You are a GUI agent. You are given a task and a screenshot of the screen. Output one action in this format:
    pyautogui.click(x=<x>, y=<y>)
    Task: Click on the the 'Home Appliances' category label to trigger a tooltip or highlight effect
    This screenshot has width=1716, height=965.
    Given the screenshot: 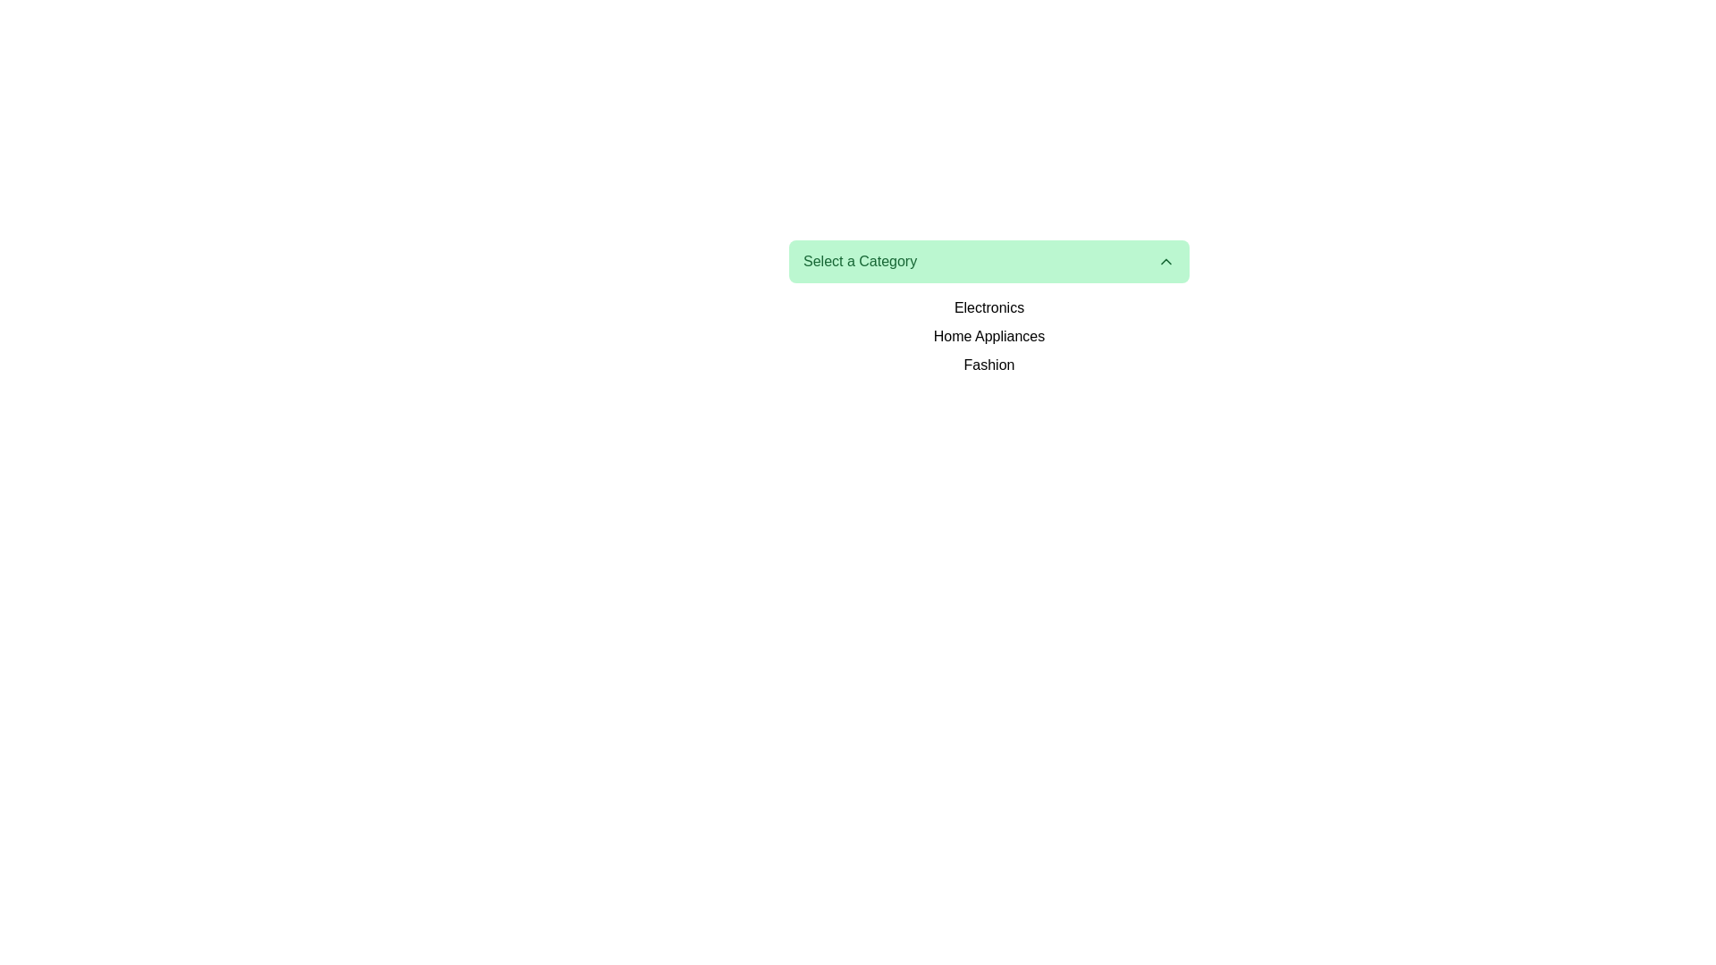 What is the action you would take?
    pyautogui.click(x=988, y=337)
    